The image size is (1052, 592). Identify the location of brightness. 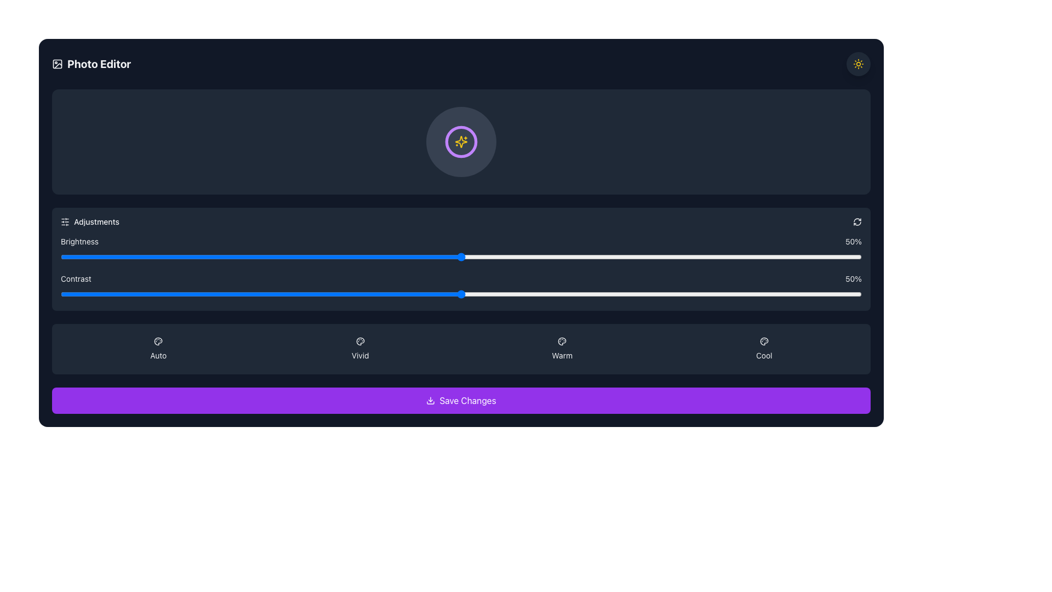
(413, 257).